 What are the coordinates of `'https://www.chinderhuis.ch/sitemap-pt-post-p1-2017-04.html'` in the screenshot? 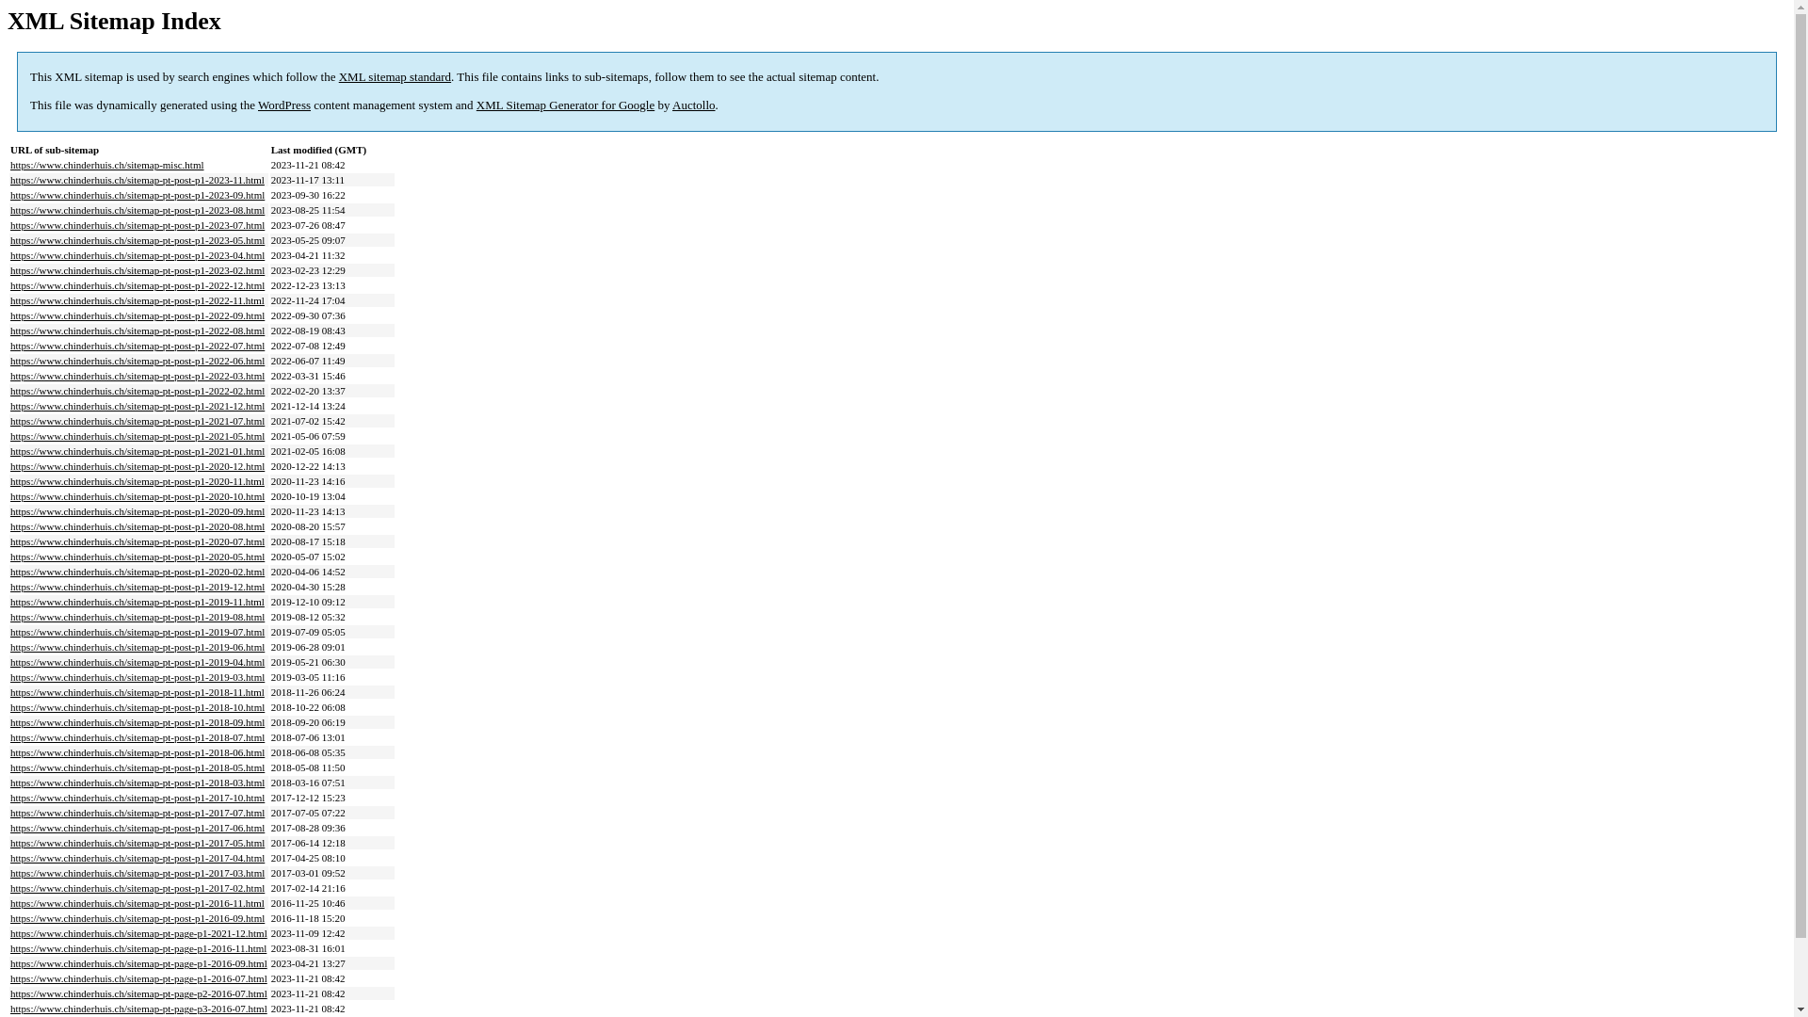 It's located at (136, 857).